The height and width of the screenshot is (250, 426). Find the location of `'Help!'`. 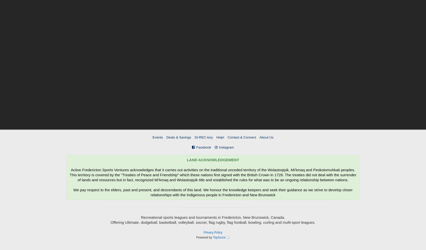

'Help!' is located at coordinates (220, 137).